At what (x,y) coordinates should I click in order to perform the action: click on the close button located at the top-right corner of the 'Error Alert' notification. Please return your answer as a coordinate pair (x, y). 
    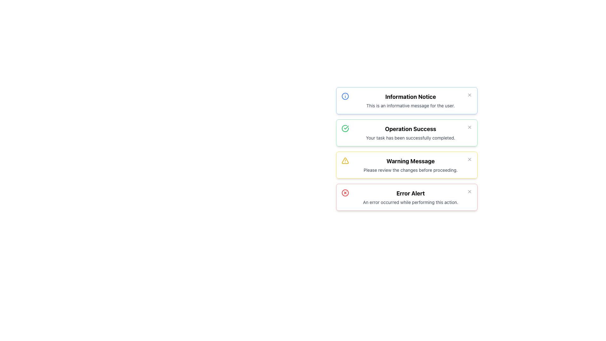
    Looking at the image, I should click on (470, 191).